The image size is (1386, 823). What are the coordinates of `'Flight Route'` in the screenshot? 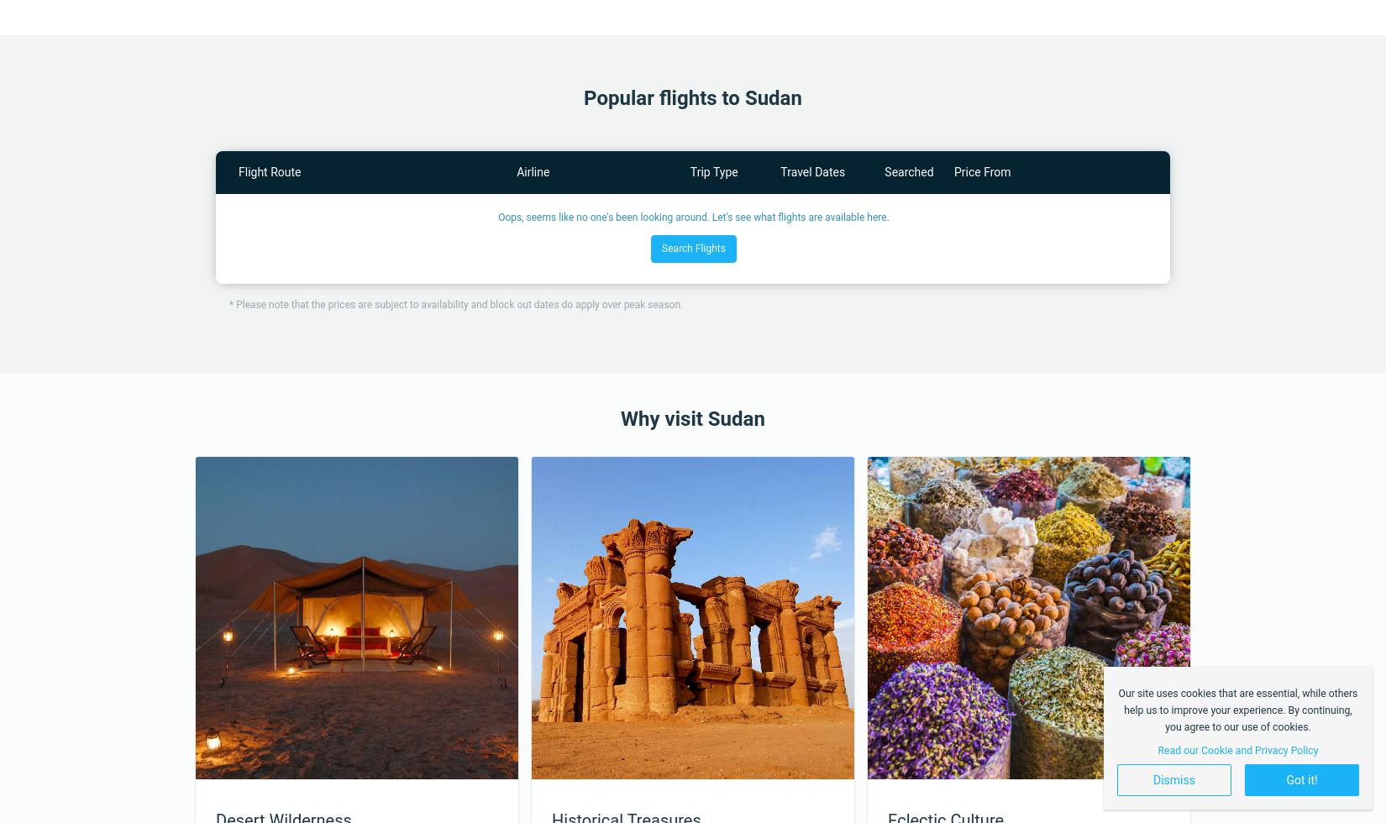 It's located at (269, 172).